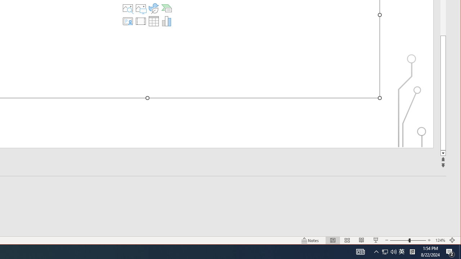 The height and width of the screenshot is (259, 461). I want to click on 'Insert Cameo', so click(128, 21).